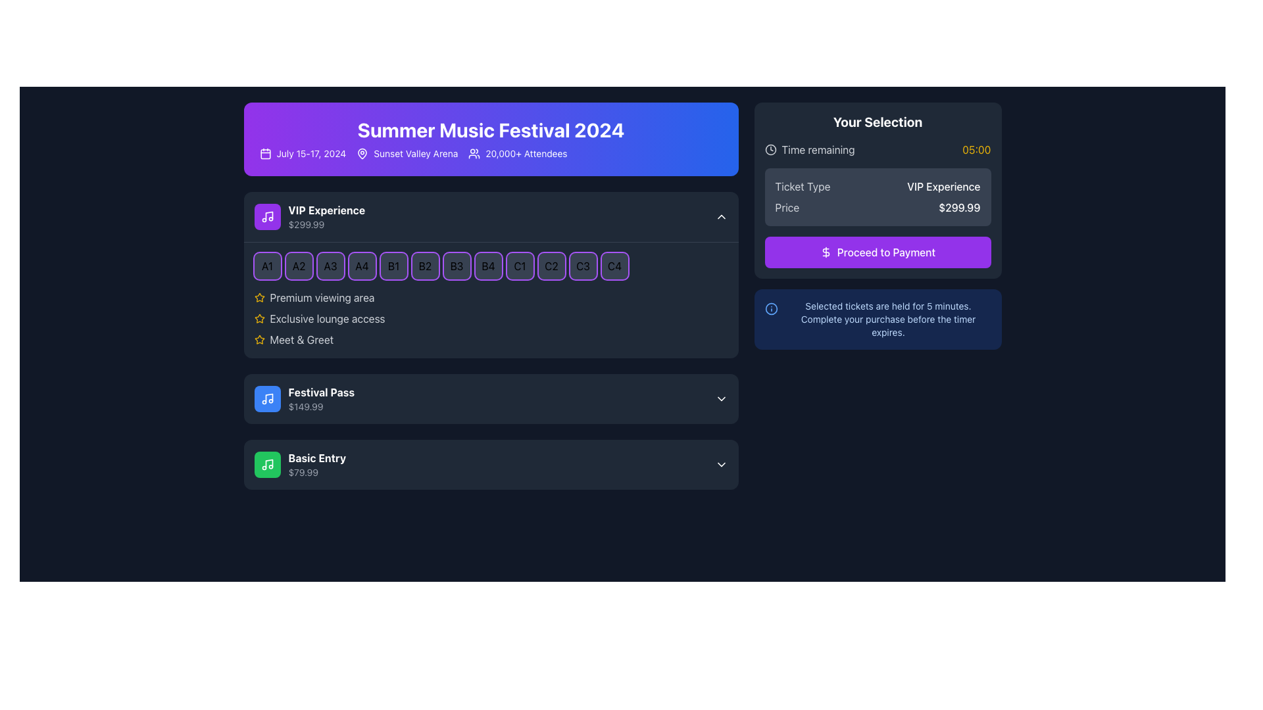 The width and height of the screenshot is (1263, 710). What do you see at coordinates (959, 207) in the screenshot?
I see `displayed price '$299.99' on the text label located in the 'Your Selection' section, specifically to the right of the 'Price' label` at bounding box center [959, 207].